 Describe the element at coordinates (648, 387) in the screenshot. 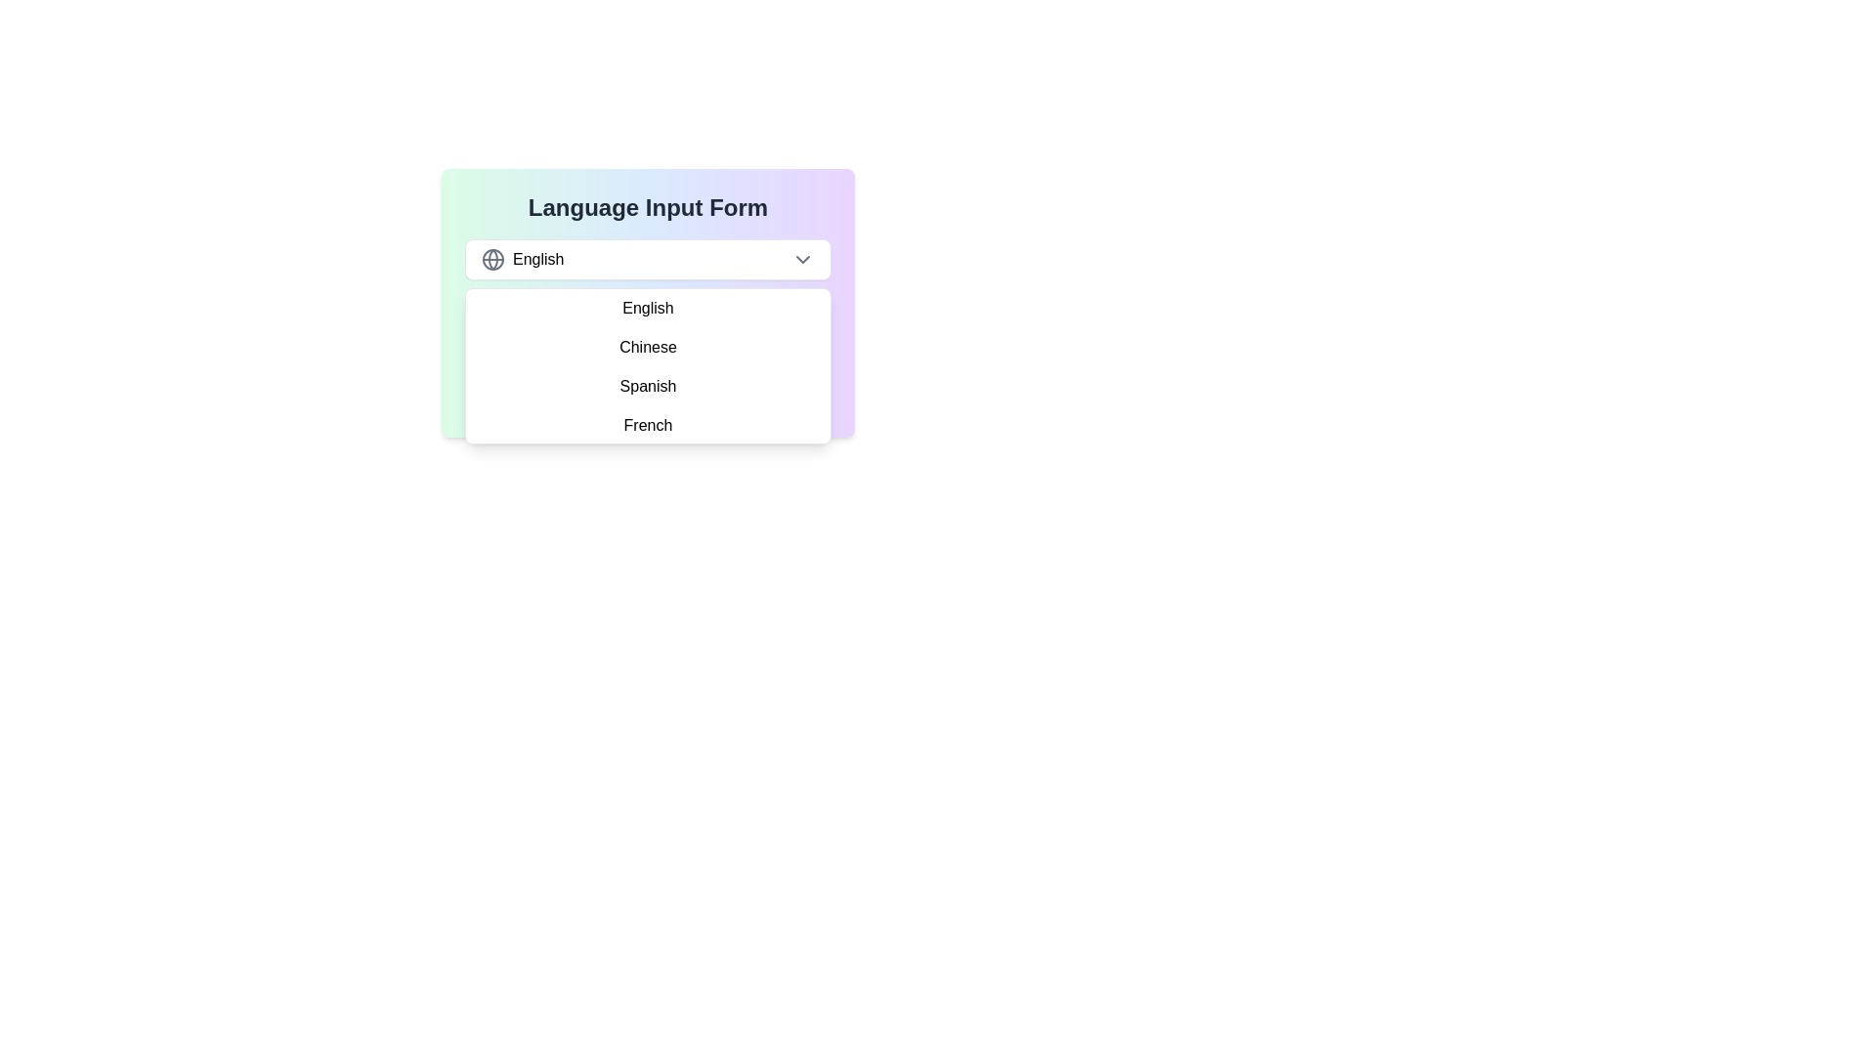

I see `the 'Spanish' language option in the dropdown menu` at that location.